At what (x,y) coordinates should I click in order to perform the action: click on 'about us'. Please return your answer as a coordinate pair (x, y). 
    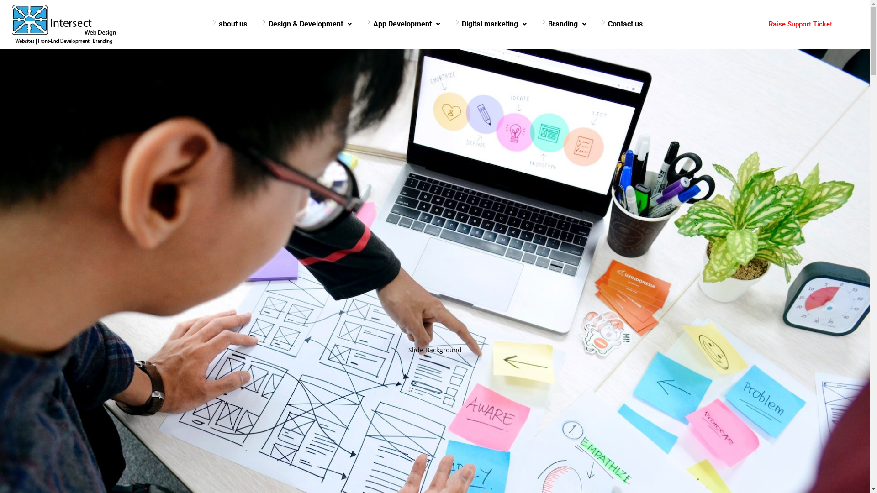
    Looking at the image, I should click on (232, 24).